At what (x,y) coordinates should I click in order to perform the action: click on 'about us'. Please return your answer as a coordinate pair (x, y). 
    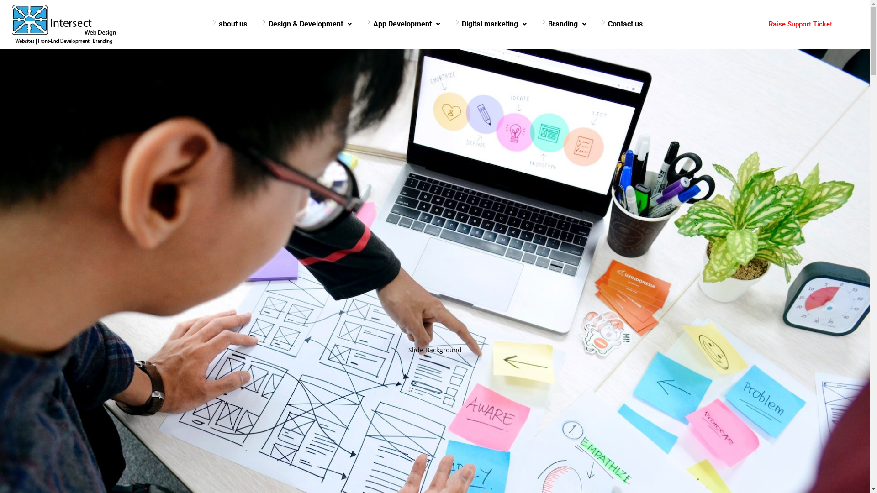
    Looking at the image, I should click on (232, 24).